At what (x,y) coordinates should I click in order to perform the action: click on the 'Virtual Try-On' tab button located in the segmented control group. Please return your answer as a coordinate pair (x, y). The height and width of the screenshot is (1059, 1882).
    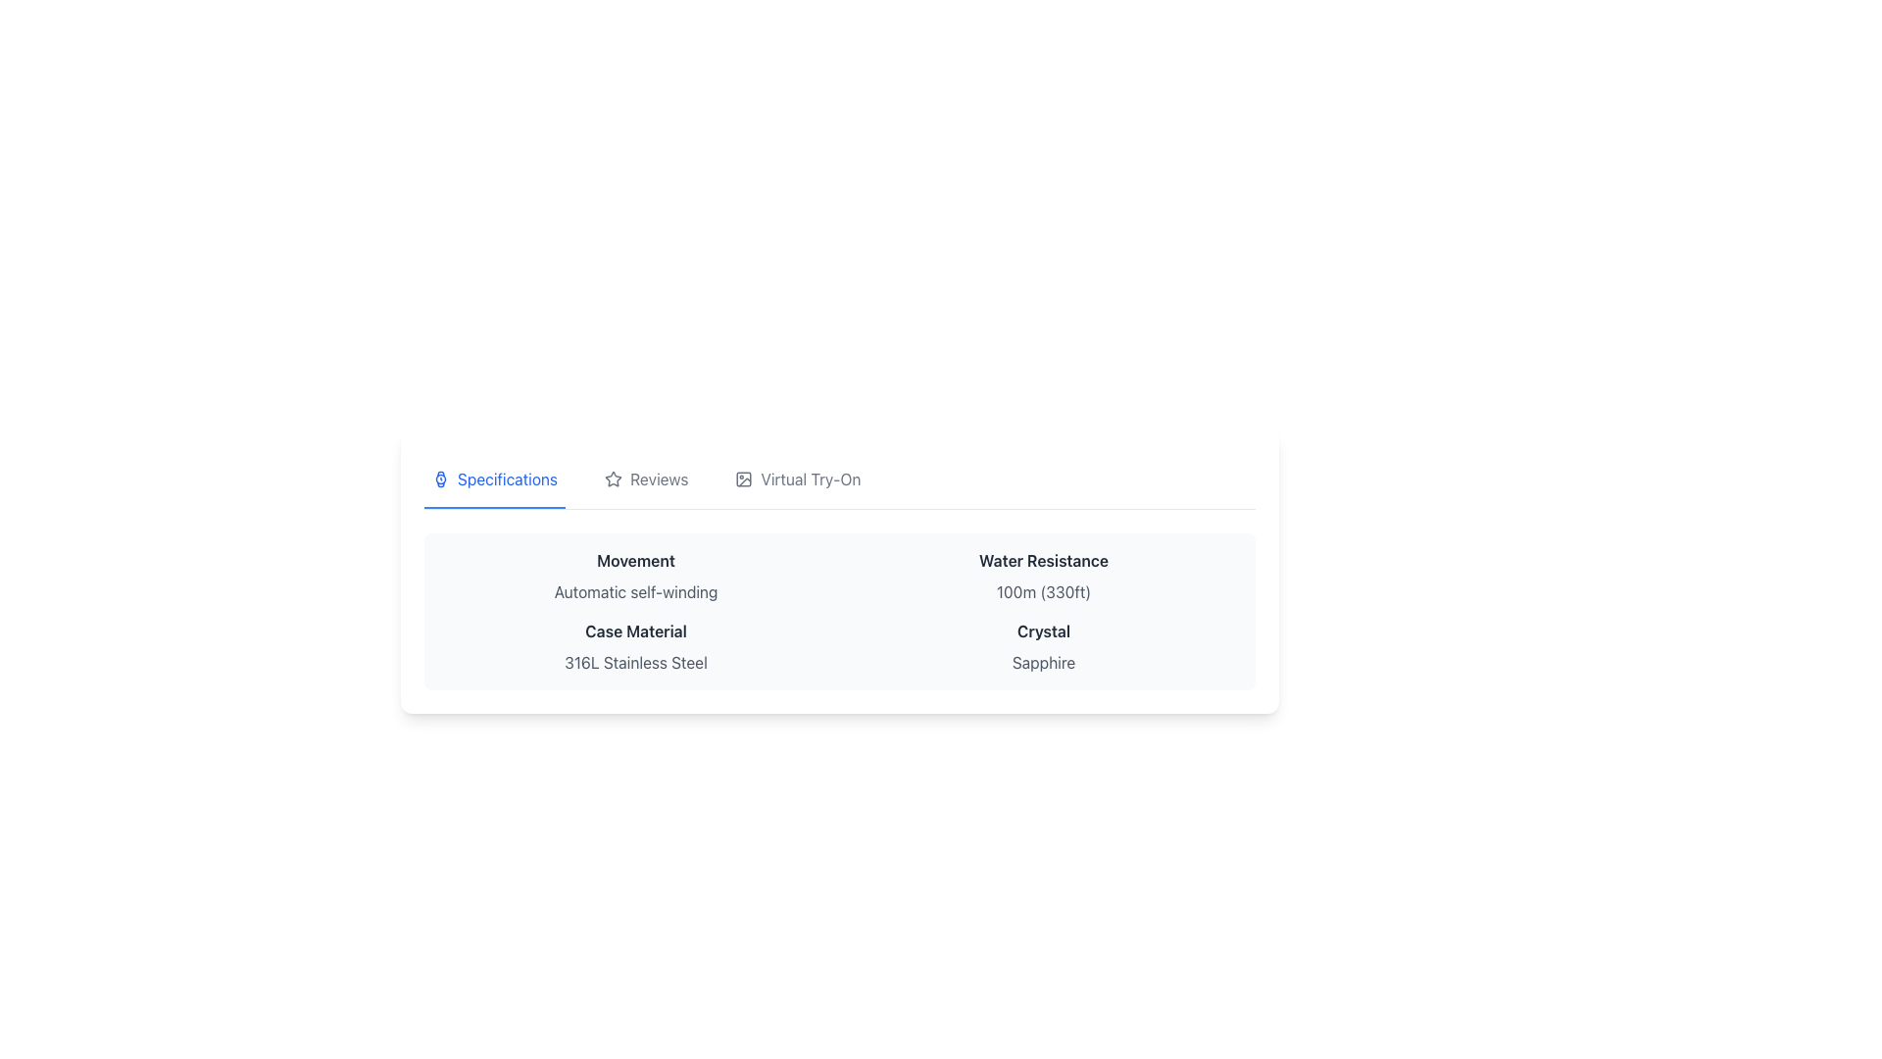
    Looking at the image, I should click on (840, 479).